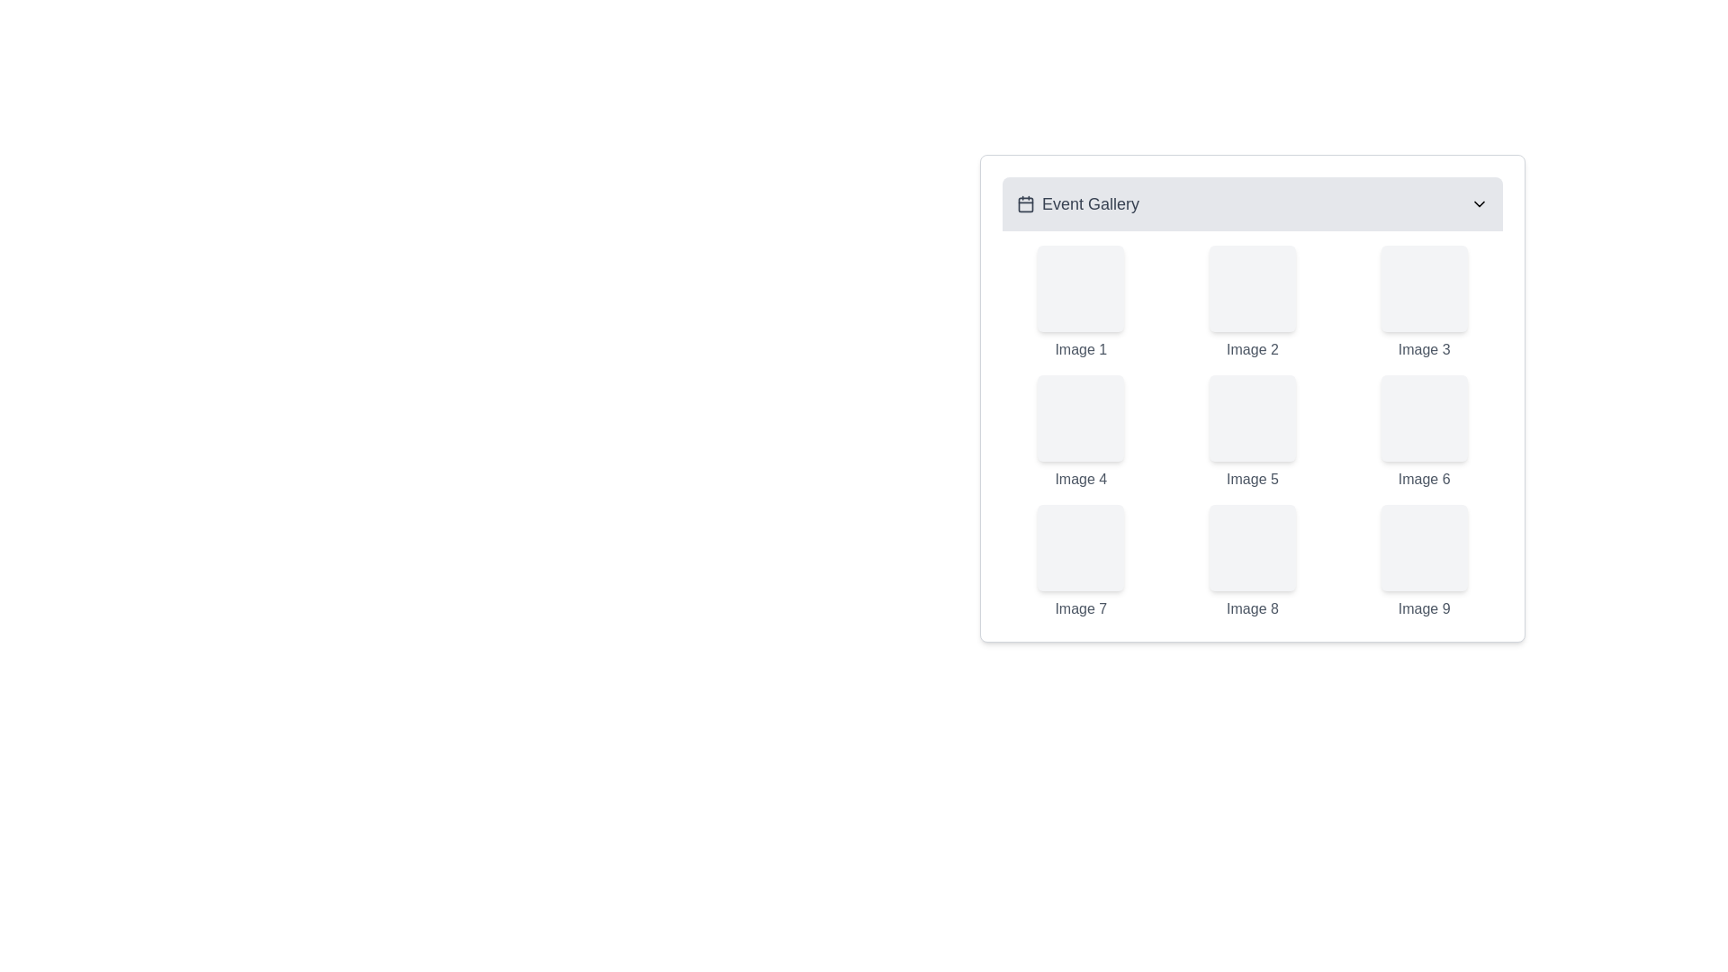  I want to click on the 'Event Gallery' text label, which is styled in bold, dark gray font and situated in the header section to the right of a calendar icon, so click(1090, 203).